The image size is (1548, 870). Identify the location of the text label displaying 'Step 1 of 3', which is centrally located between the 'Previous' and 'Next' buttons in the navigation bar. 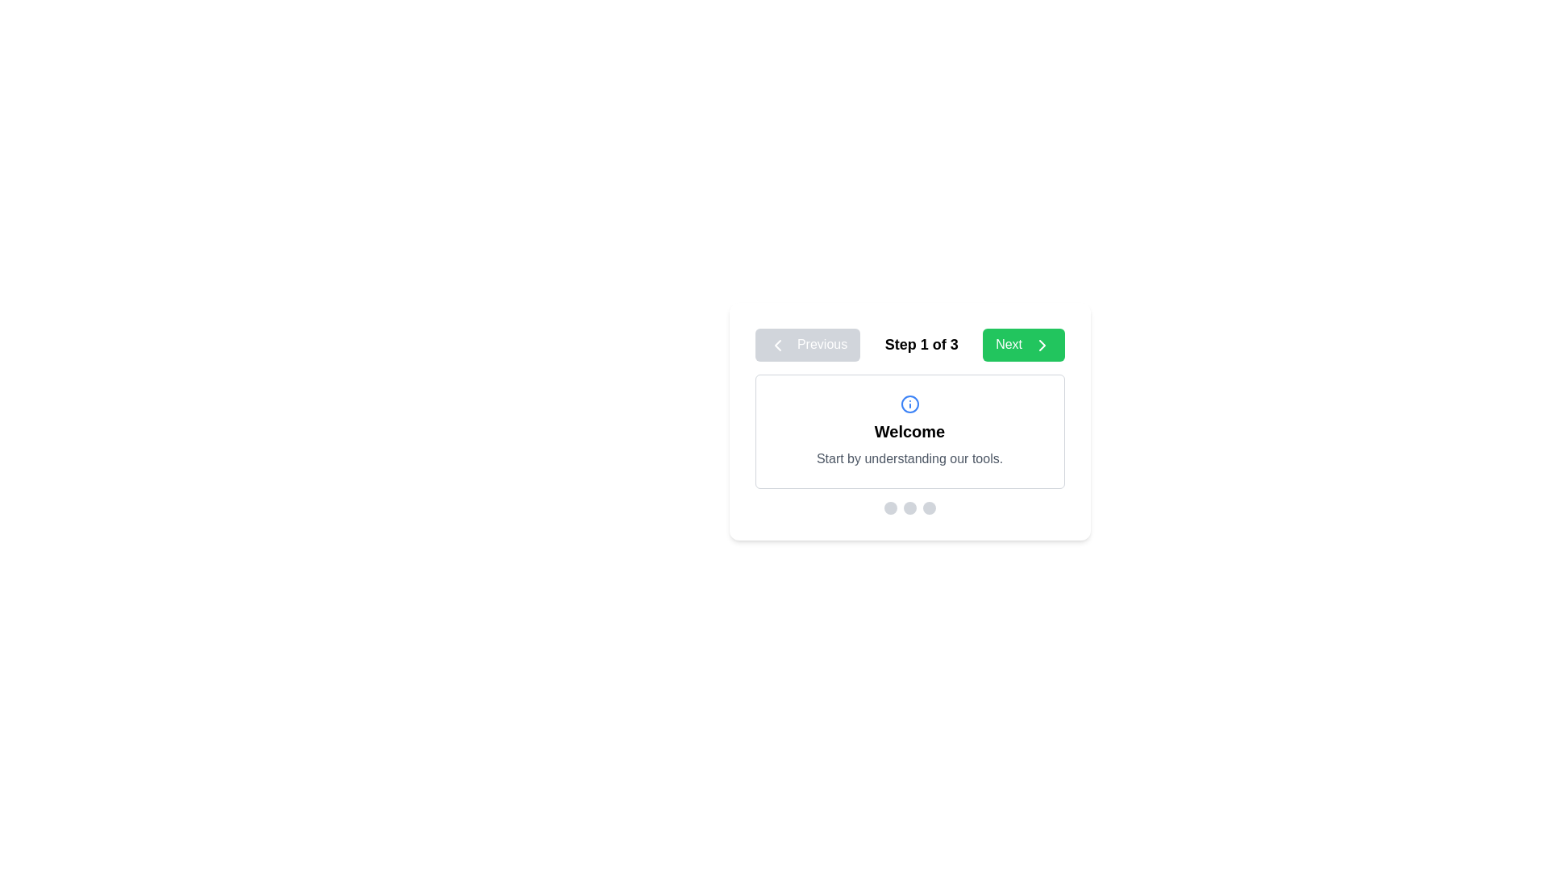
(909, 344).